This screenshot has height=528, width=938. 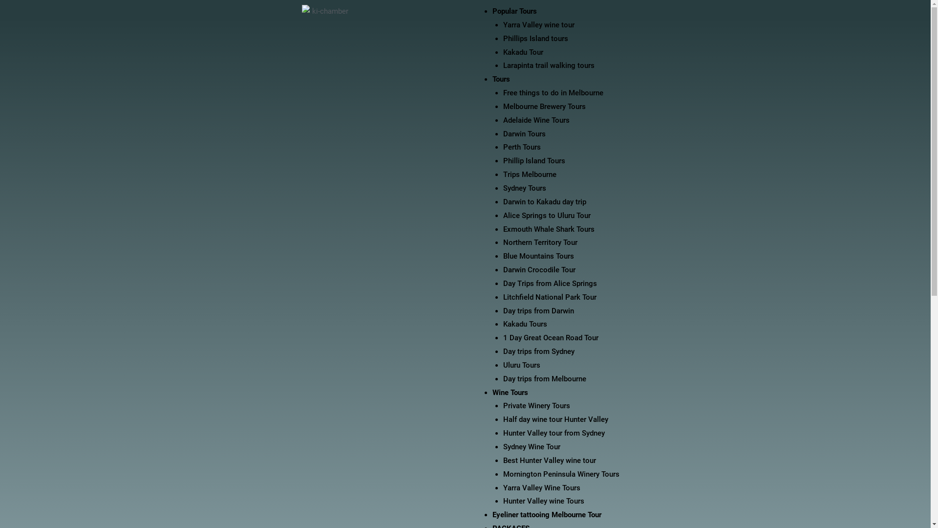 What do you see at coordinates (531, 447) in the screenshot?
I see `'Sydney Wine Tour'` at bounding box center [531, 447].